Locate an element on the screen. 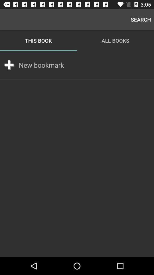 The image size is (154, 275). app next to this book icon is located at coordinates (141, 19).